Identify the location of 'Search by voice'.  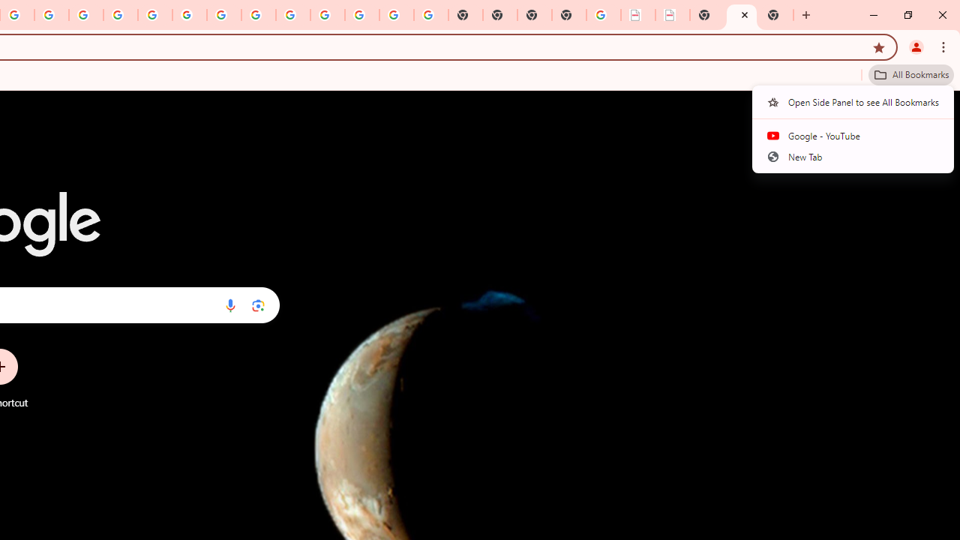
(229, 304).